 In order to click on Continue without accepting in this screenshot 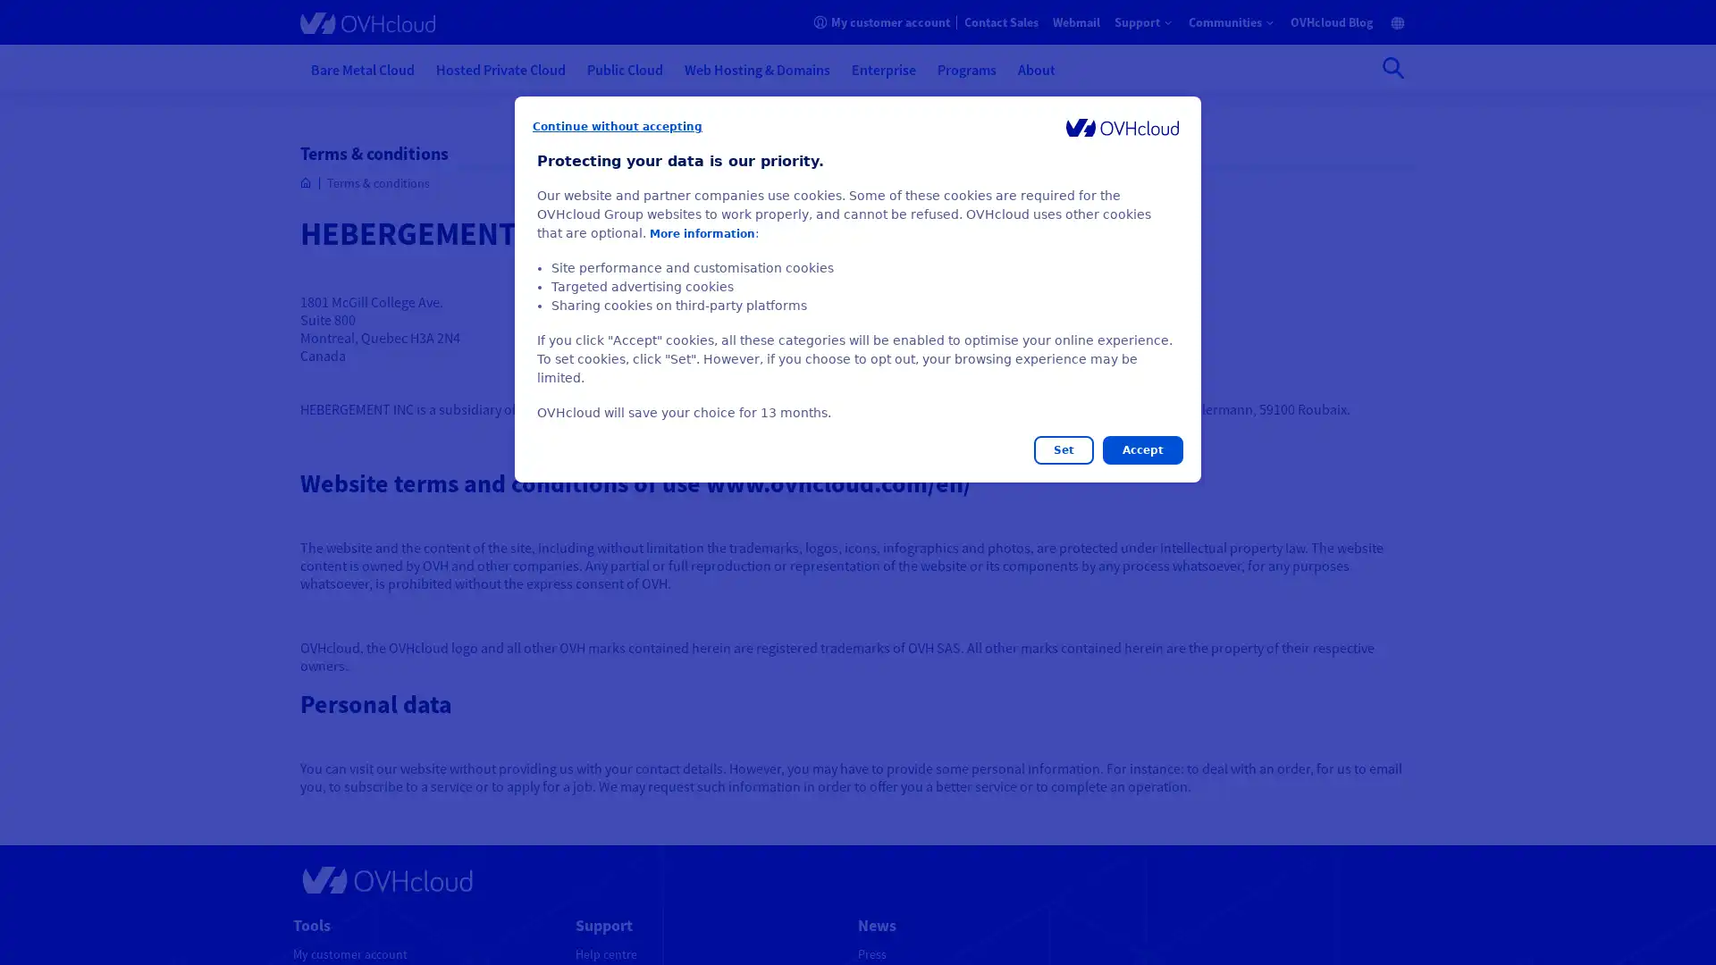, I will do `click(618, 126)`.